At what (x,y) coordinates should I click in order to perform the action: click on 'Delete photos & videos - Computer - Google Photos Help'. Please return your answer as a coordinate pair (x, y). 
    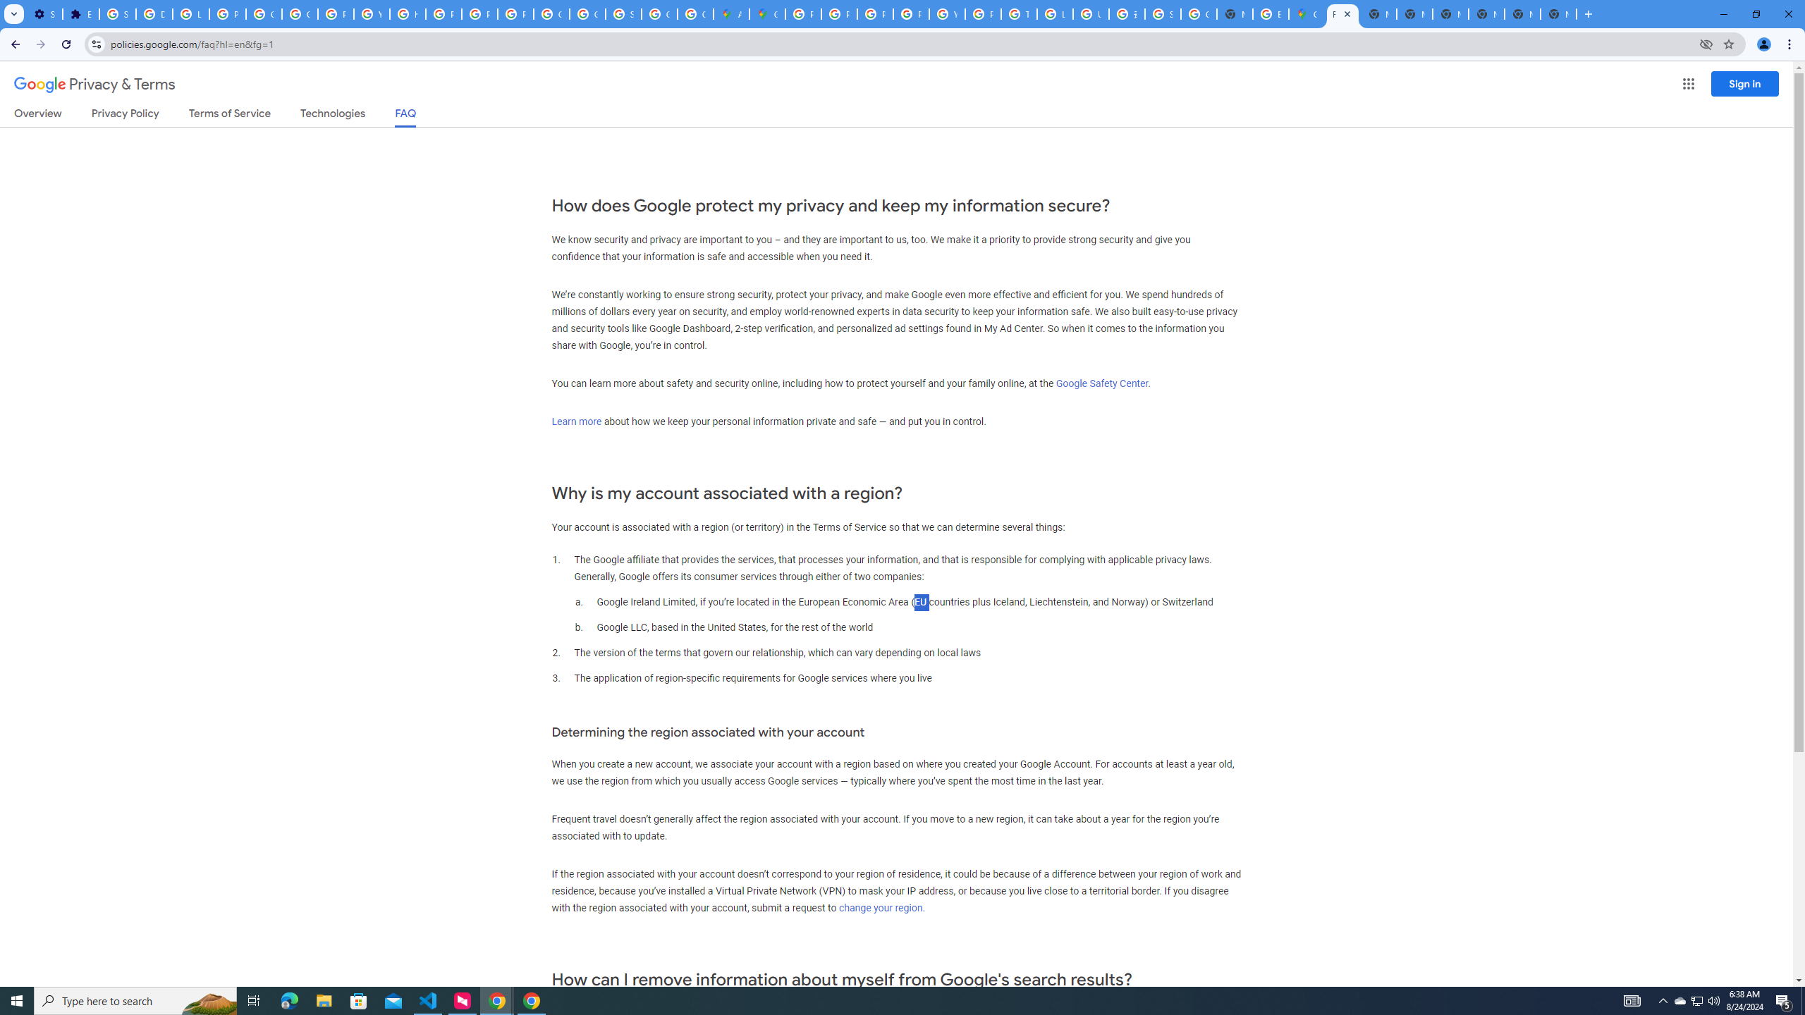
    Looking at the image, I should click on (153, 13).